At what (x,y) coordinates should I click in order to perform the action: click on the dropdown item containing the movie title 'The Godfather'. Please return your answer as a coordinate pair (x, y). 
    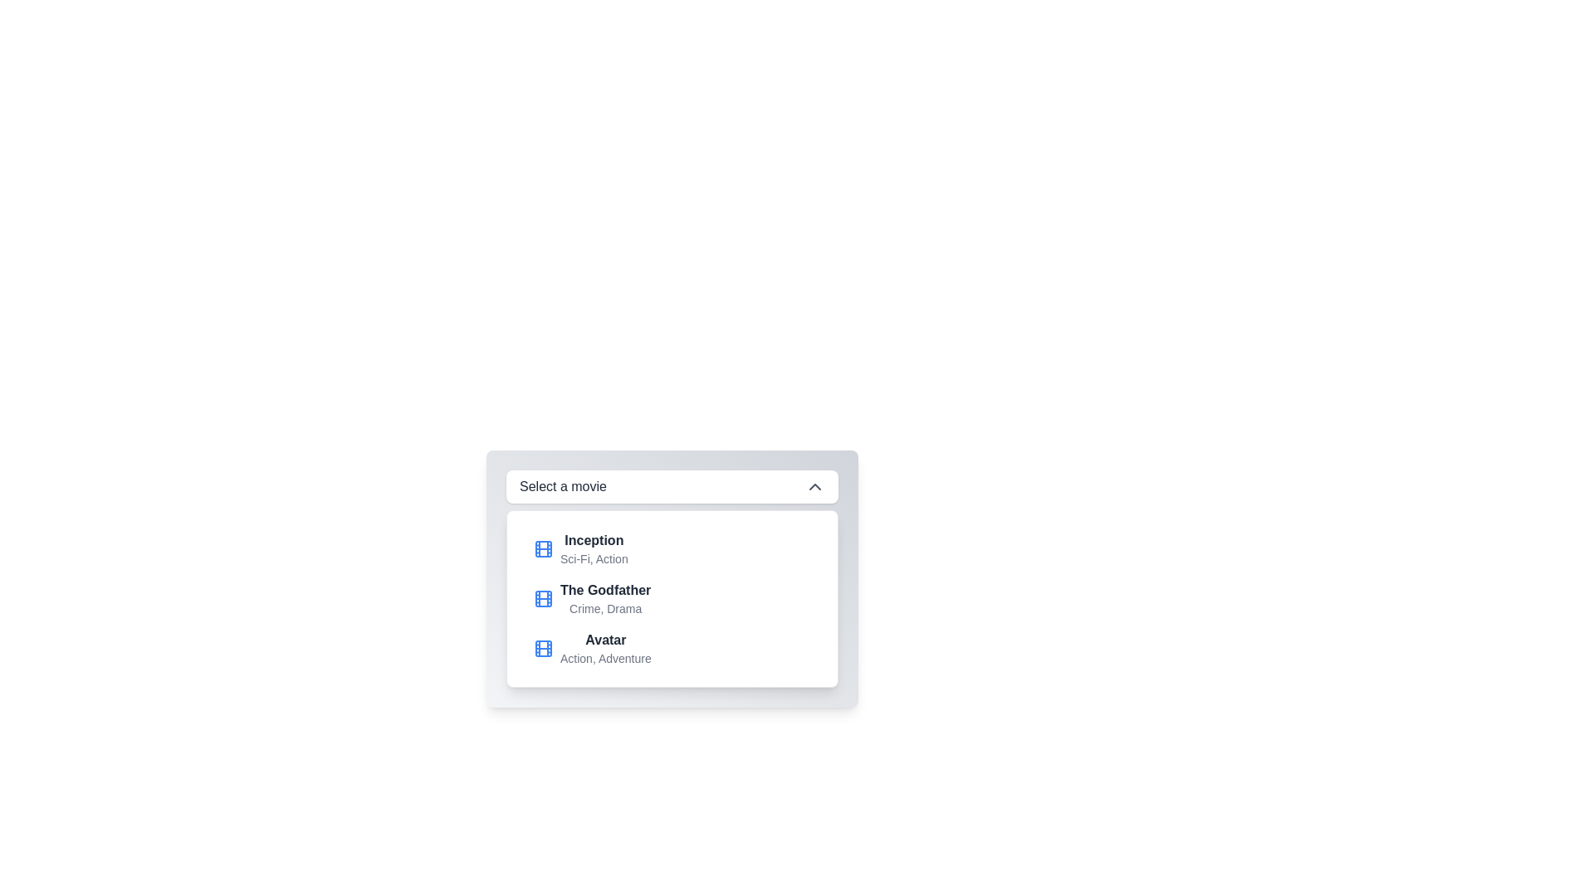
    Looking at the image, I should click on (604, 598).